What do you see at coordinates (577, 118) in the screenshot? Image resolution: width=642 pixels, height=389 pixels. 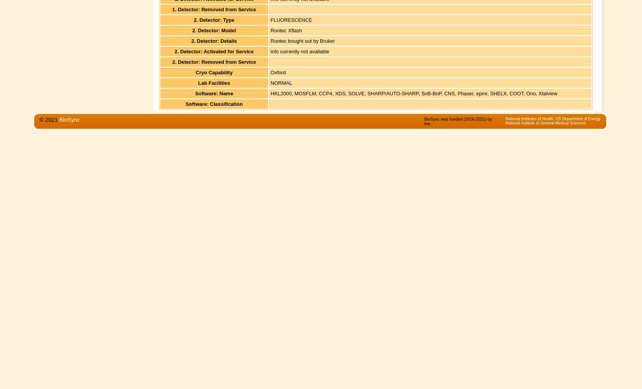 I see `'US Department of Energy'` at bounding box center [577, 118].